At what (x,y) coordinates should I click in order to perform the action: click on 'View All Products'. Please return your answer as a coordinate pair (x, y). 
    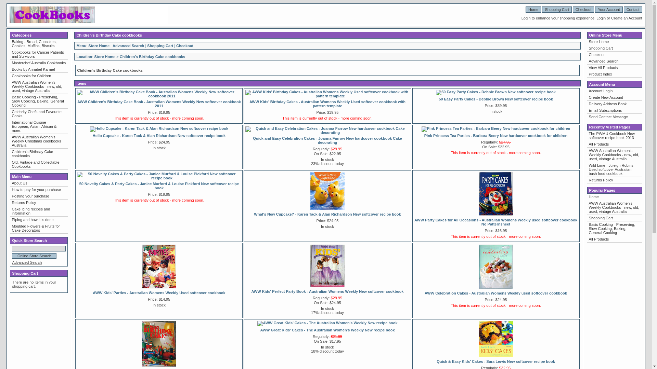
    Looking at the image, I should click on (587, 67).